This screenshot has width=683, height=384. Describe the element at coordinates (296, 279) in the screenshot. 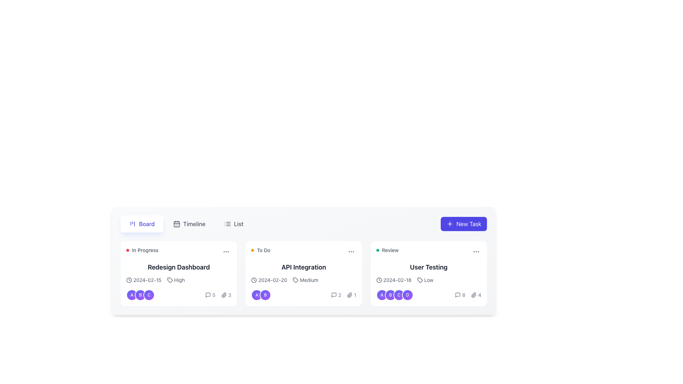

I see `the information represented by the tag icon located in the second card labeled 'API Integration', positioned above the 'Medium' text` at that location.